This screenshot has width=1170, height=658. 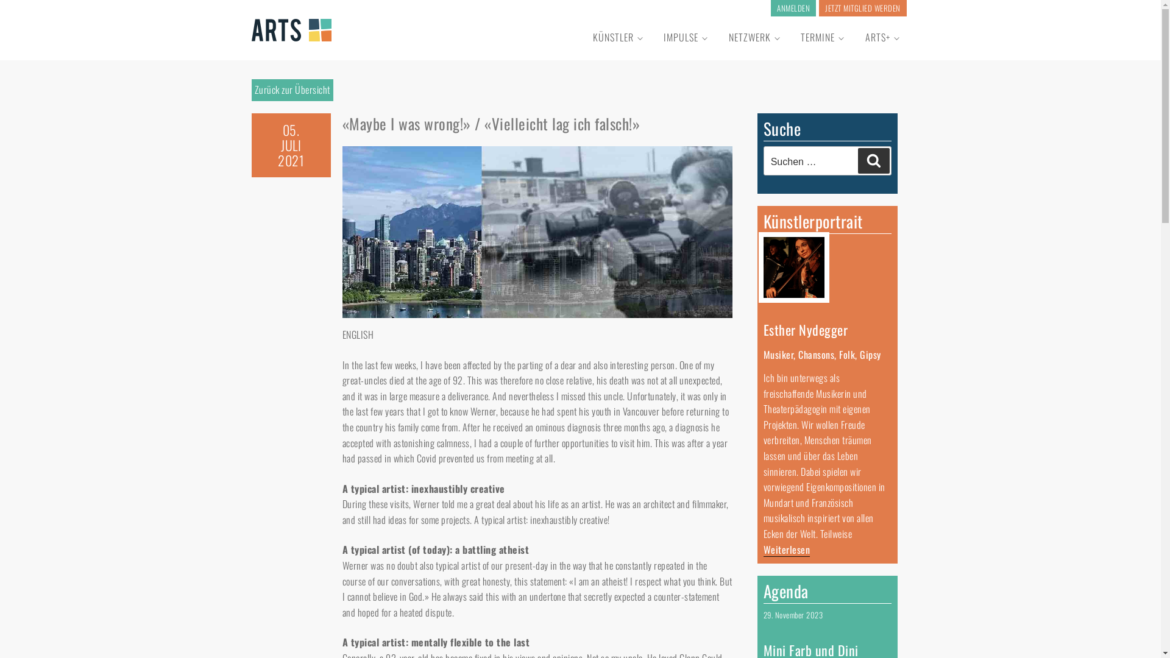 I want to click on 'TERMINE', so click(x=821, y=37).